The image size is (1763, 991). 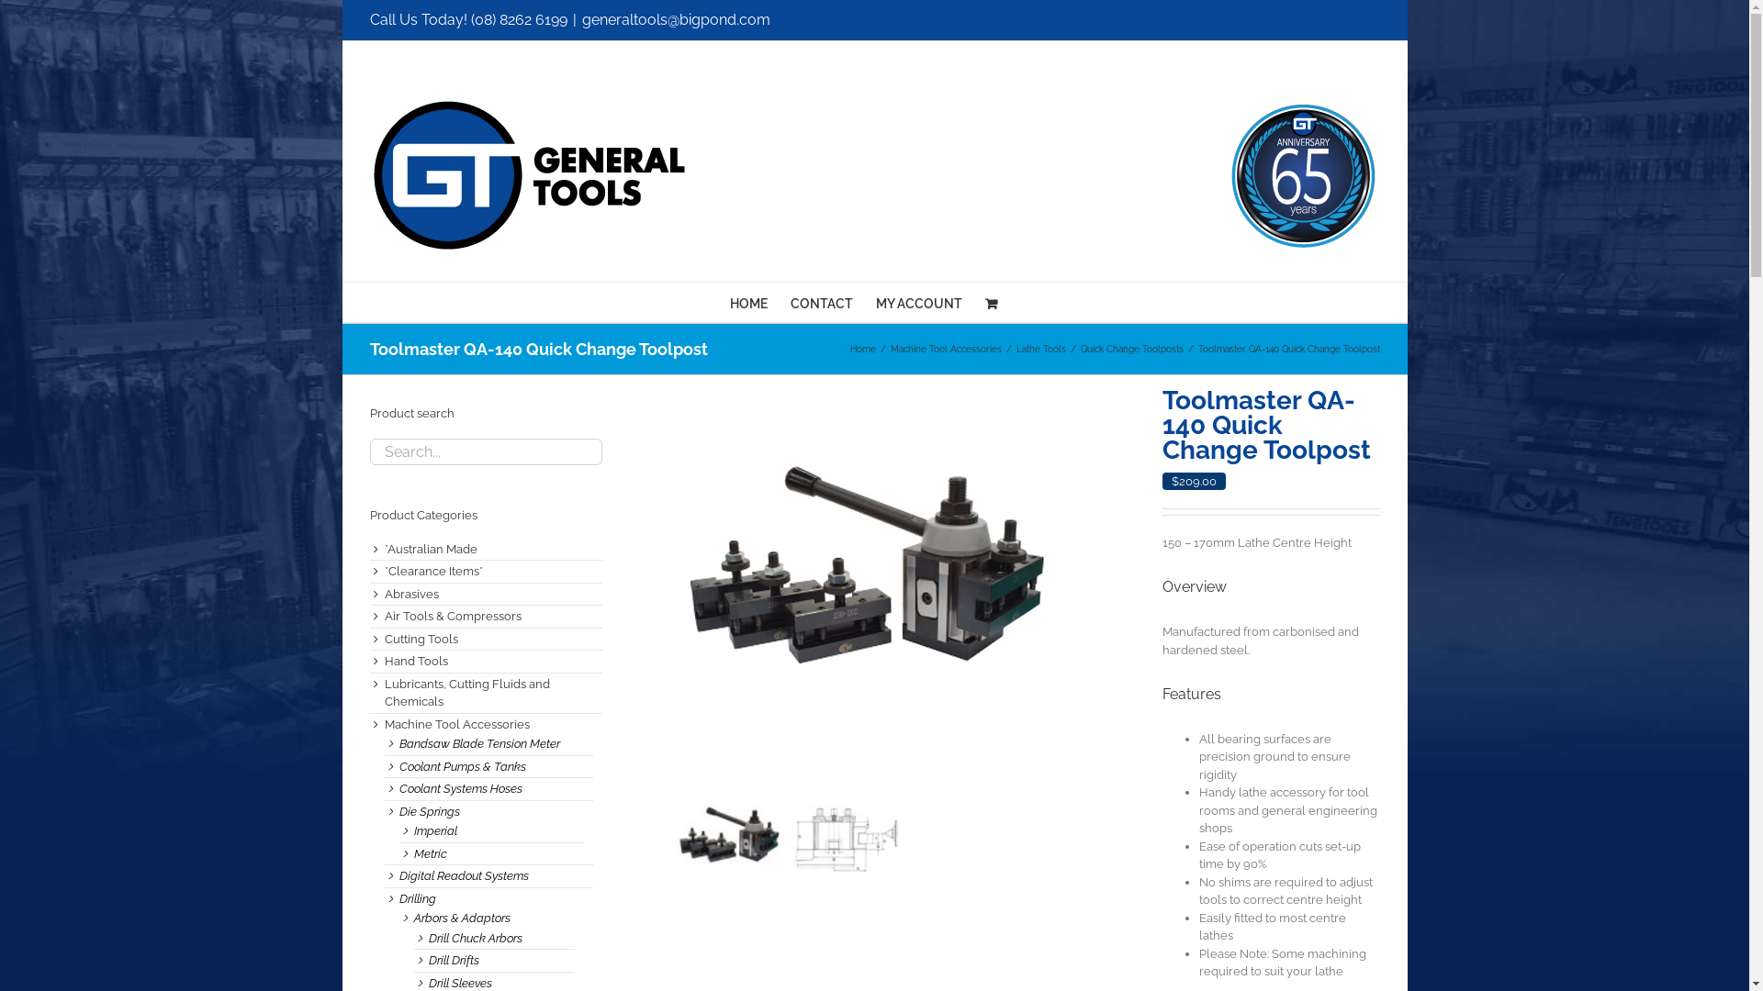 I want to click on 'Abrasives', so click(x=382, y=594).